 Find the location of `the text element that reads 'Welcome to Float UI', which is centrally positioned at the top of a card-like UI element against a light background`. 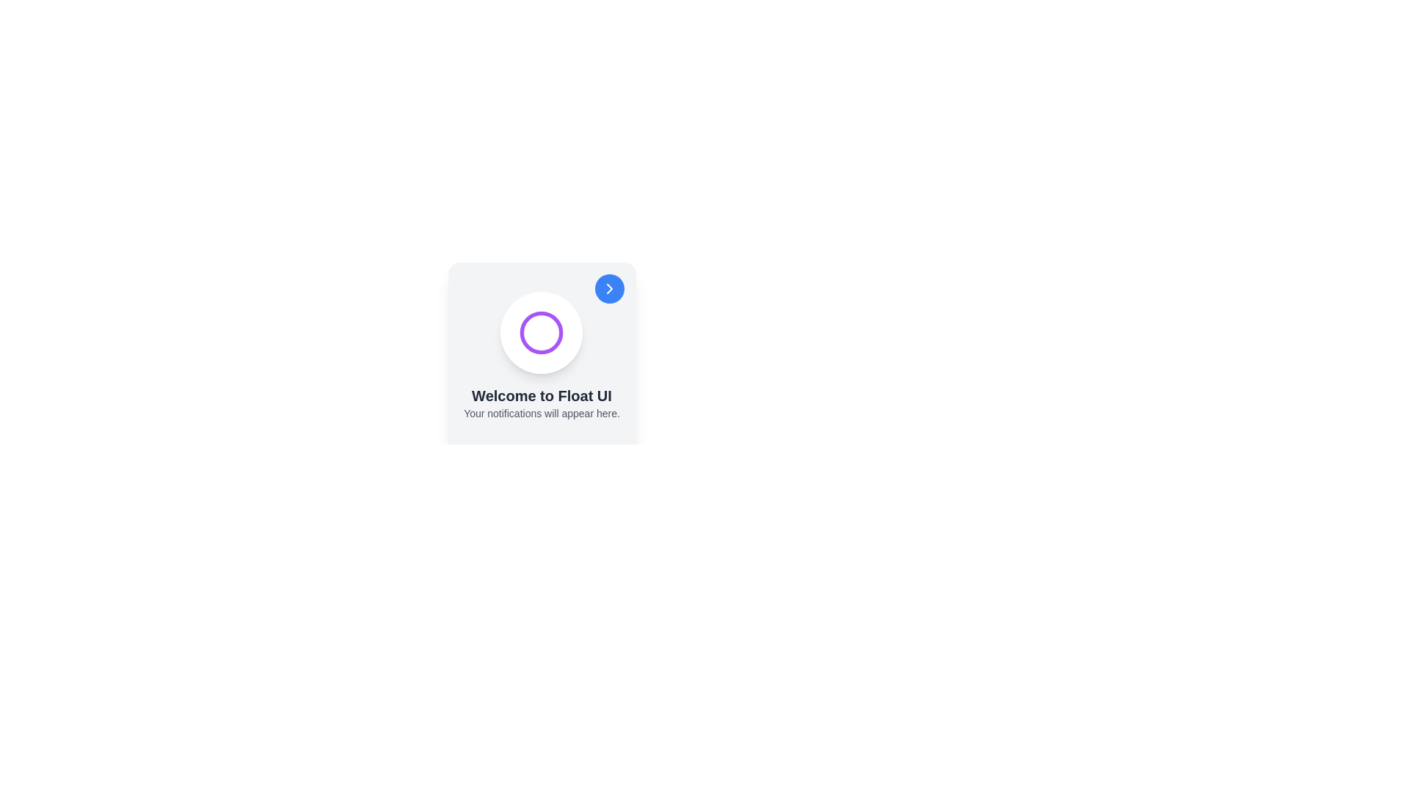

the text element that reads 'Welcome to Float UI', which is centrally positioned at the top of a card-like UI element against a light background is located at coordinates (541, 396).